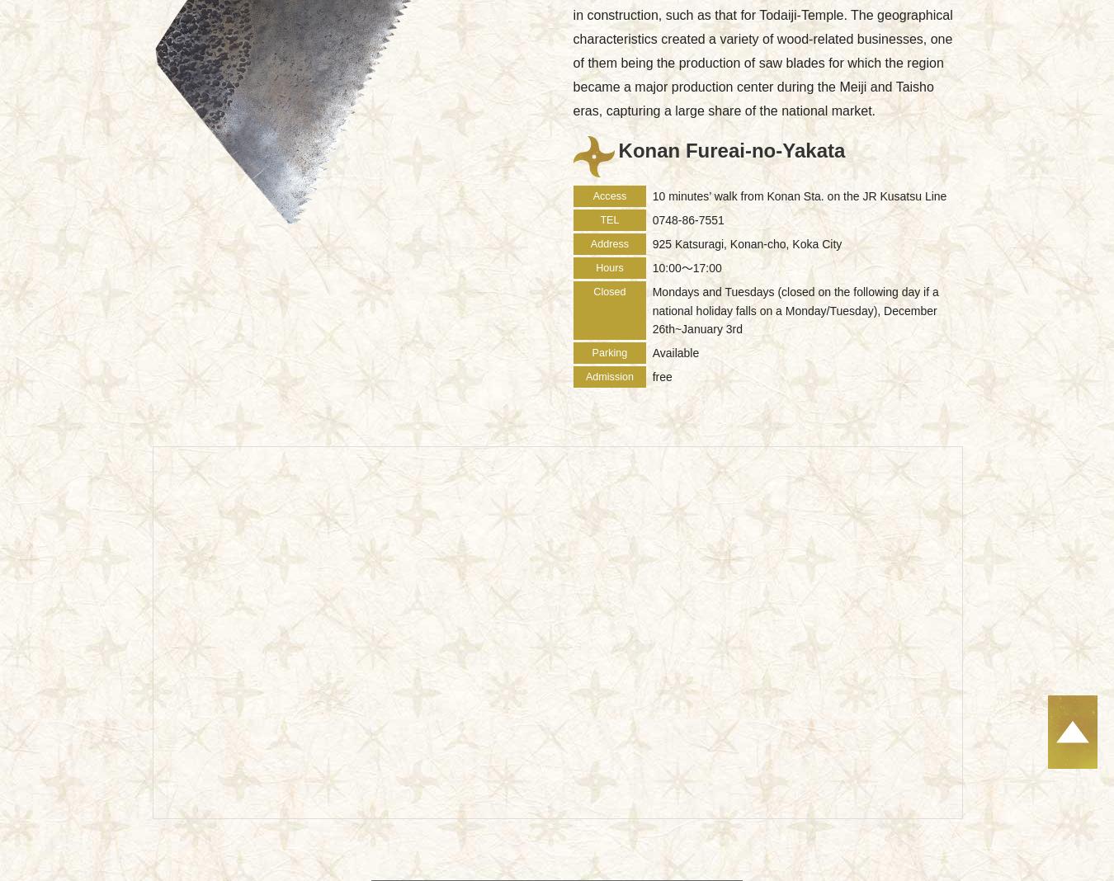 The height and width of the screenshot is (881, 1114). What do you see at coordinates (608, 243) in the screenshot?
I see `'Address'` at bounding box center [608, 243].